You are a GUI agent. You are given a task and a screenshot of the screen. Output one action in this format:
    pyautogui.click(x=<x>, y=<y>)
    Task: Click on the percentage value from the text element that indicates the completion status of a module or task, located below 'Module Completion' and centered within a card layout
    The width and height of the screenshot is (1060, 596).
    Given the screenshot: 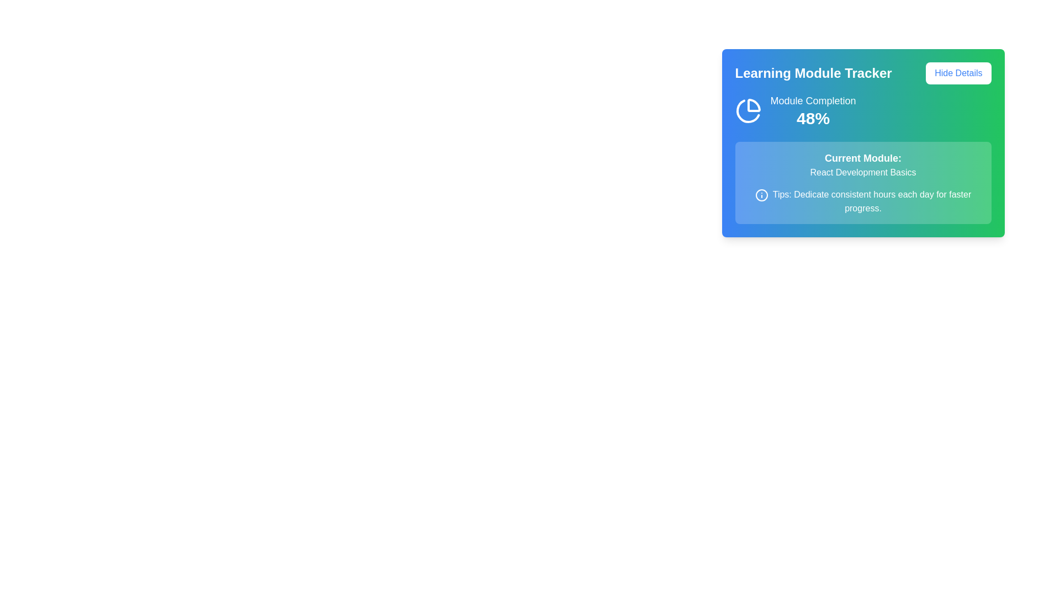 What is the action you would take?
    pyautogui.click(x=813, y=119)
    